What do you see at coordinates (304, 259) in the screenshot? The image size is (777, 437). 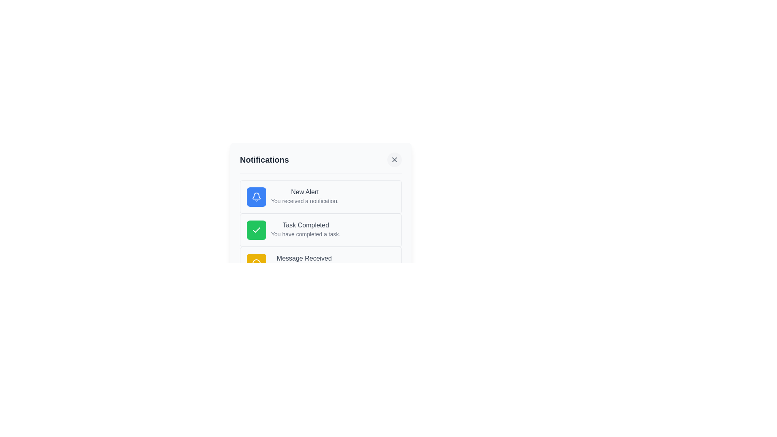 I see `the text label 'Message Received' which is the first line of the third notification item in the notifications list` at bounding box center [304, 259].